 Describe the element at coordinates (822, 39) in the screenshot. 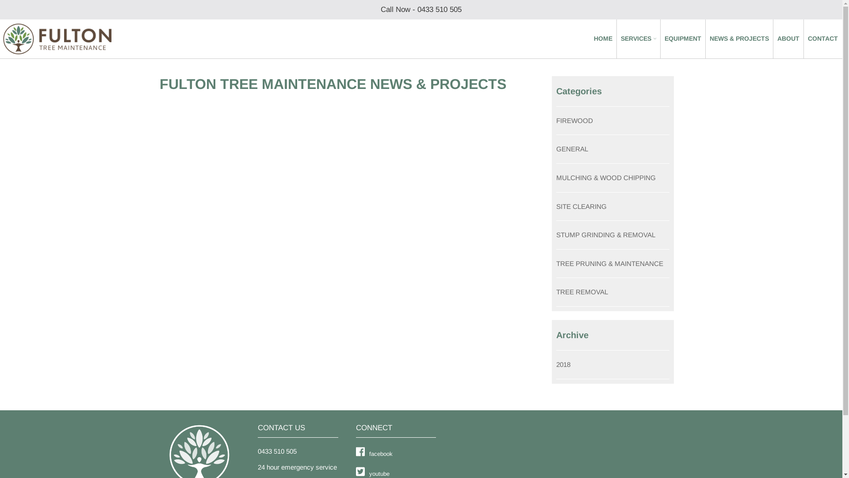

I see `'CONTACT'` at that location.